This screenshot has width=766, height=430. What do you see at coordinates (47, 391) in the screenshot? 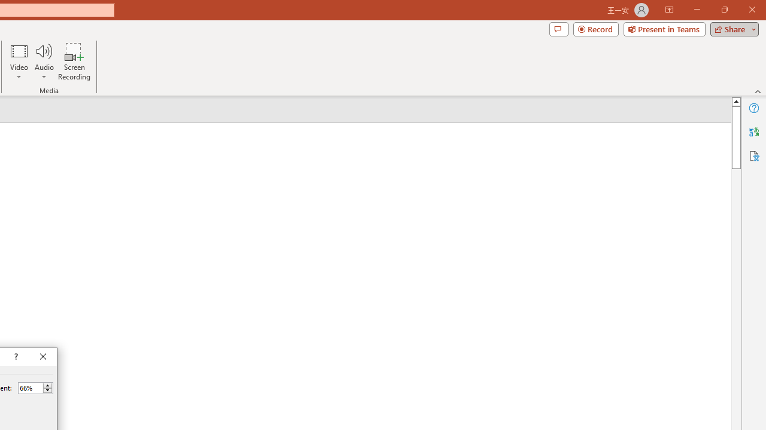
I see `'Less'` at bounding box center [47, 391].